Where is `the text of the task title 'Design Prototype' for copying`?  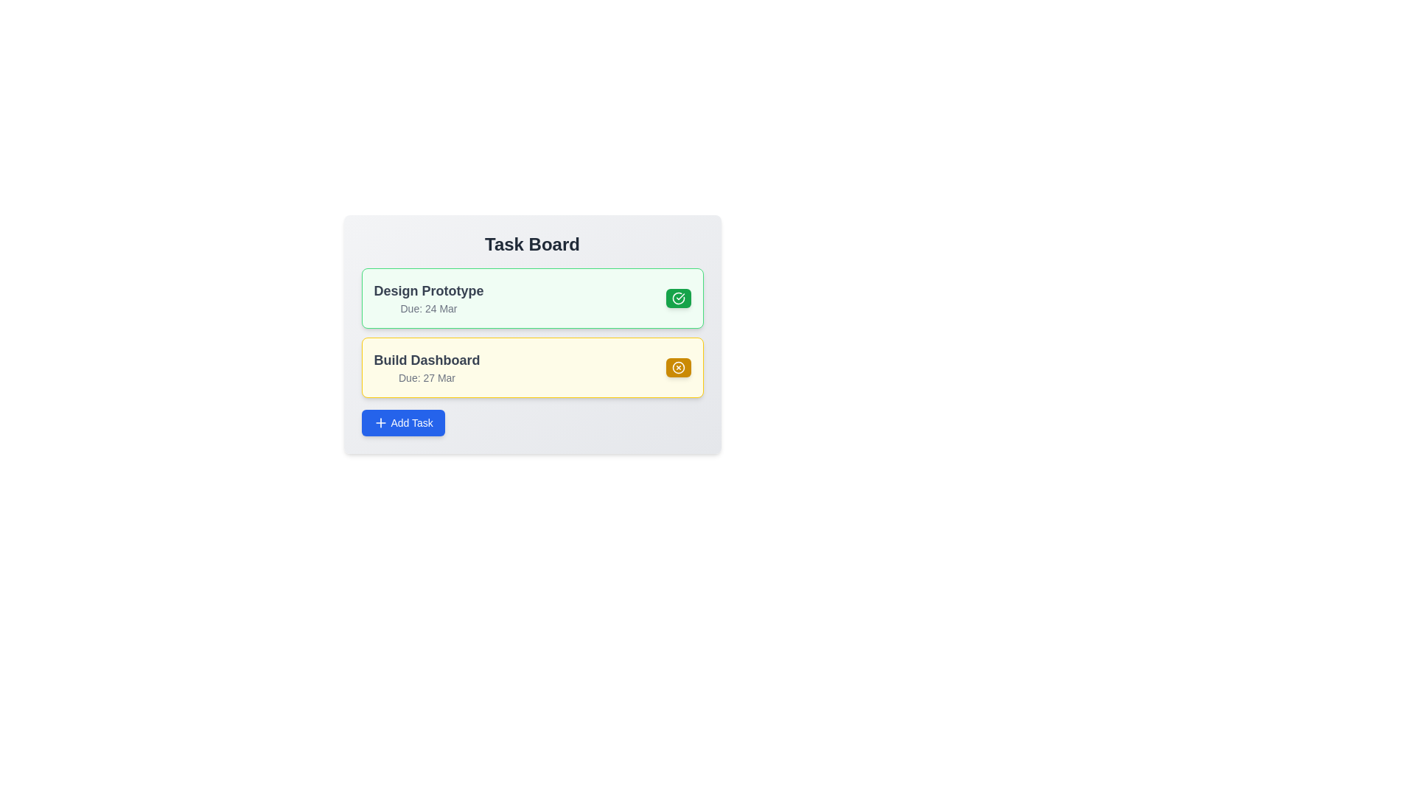 the text of the task title 'Design Prototype' for copying is located at coordinates (427, 290).